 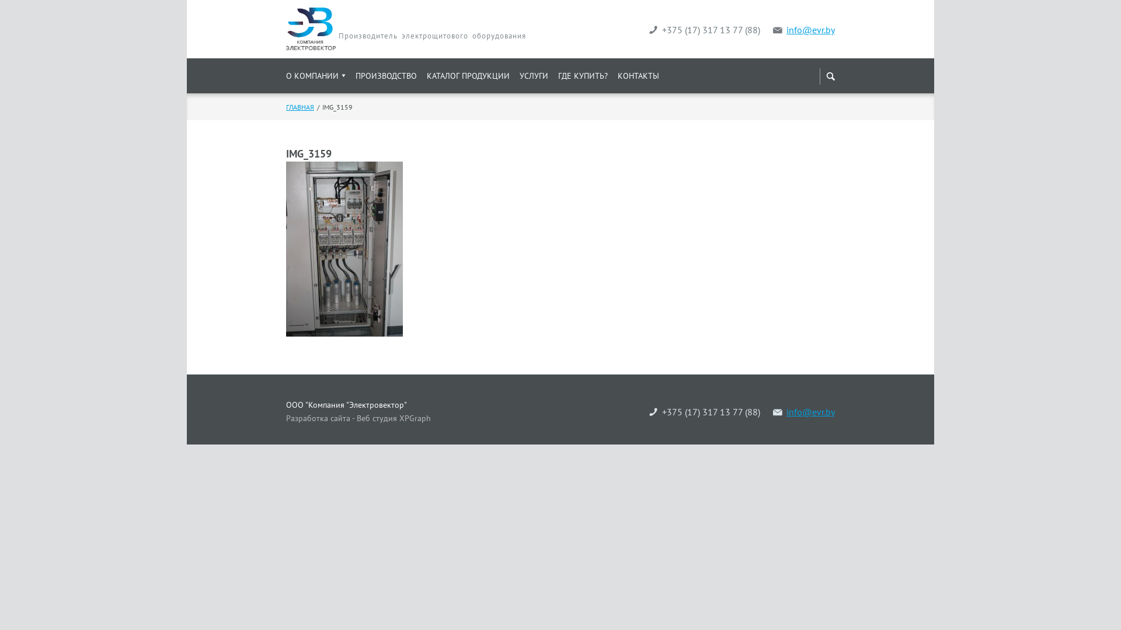 I want to click on 'info@evr.by', so click(x=803, y=411).